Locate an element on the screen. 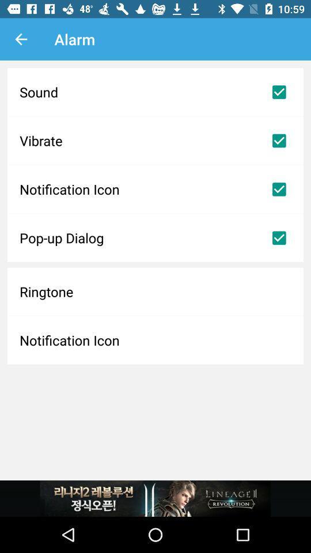  the item next to the alarm item is located at coordinates (21, 39).